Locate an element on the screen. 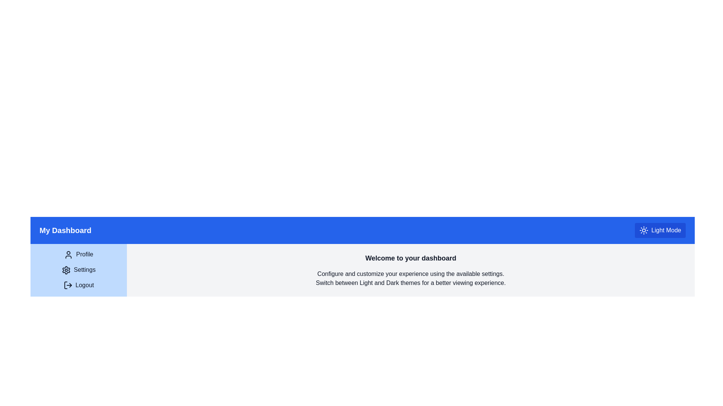  the 'Profile' text label with user icon is located at coordinates (79, 254).